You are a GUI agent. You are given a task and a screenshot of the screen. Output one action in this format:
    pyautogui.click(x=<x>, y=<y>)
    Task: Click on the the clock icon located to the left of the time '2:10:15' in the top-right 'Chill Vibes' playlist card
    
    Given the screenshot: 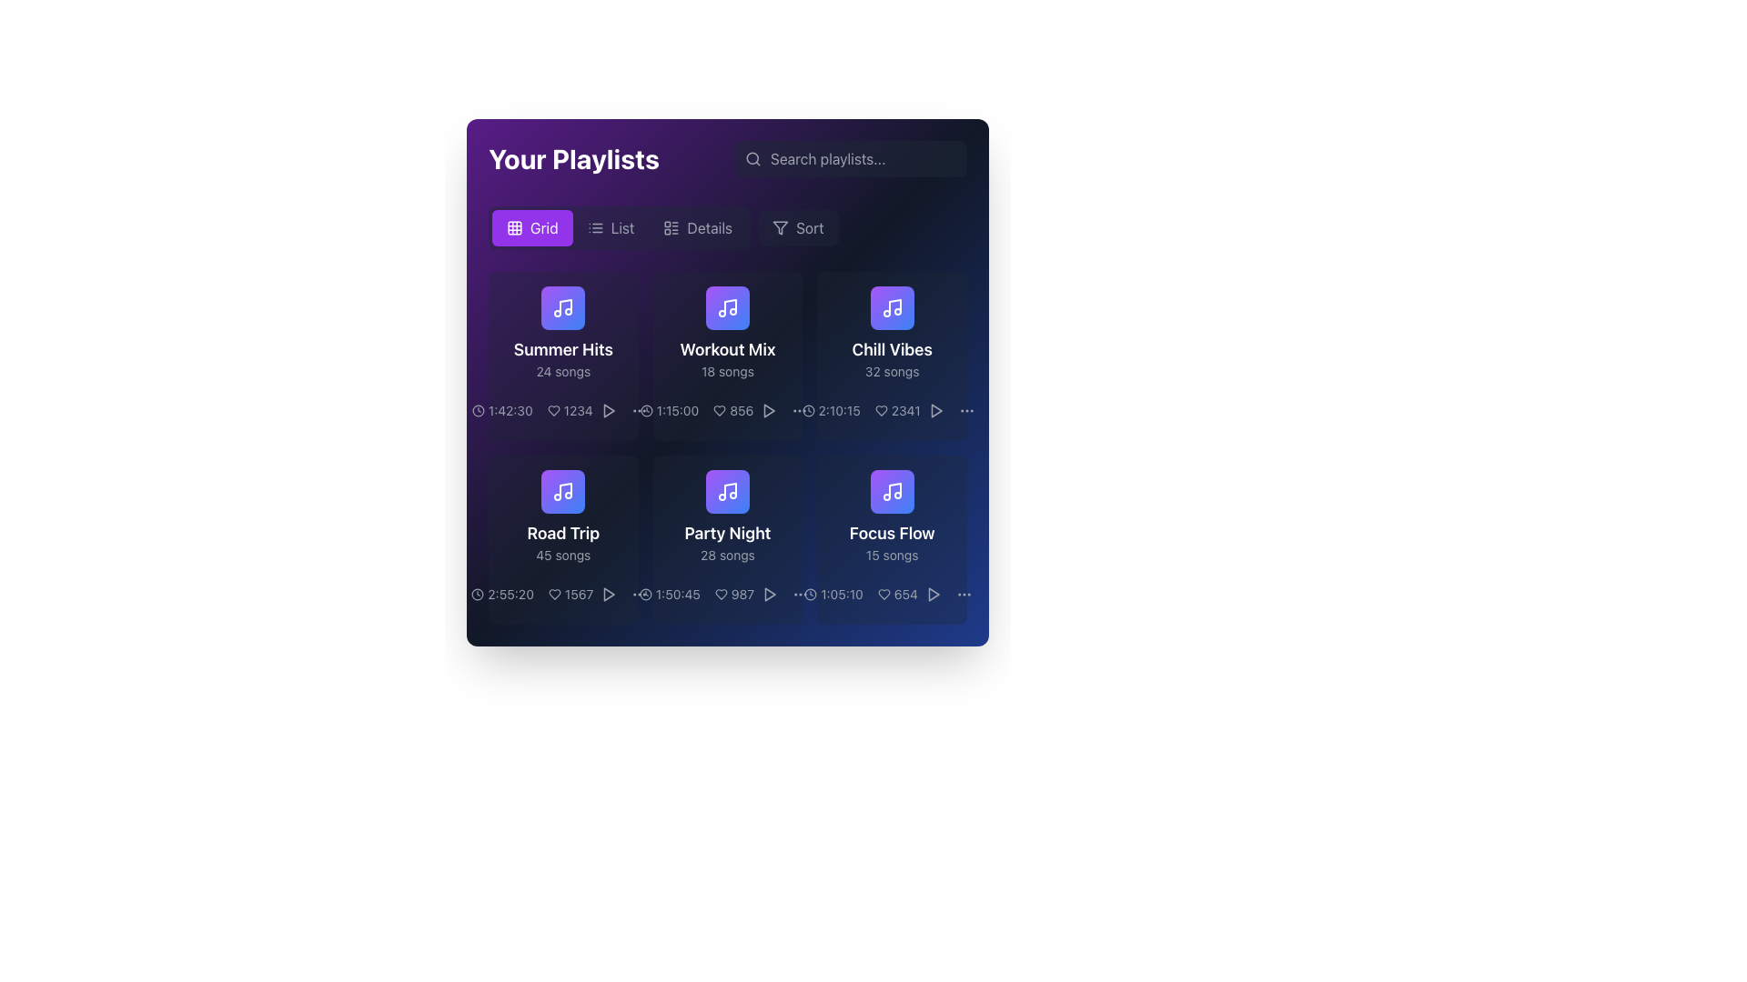 What is the action you would take?
    pyautogui.click(x=807, y=410)
    